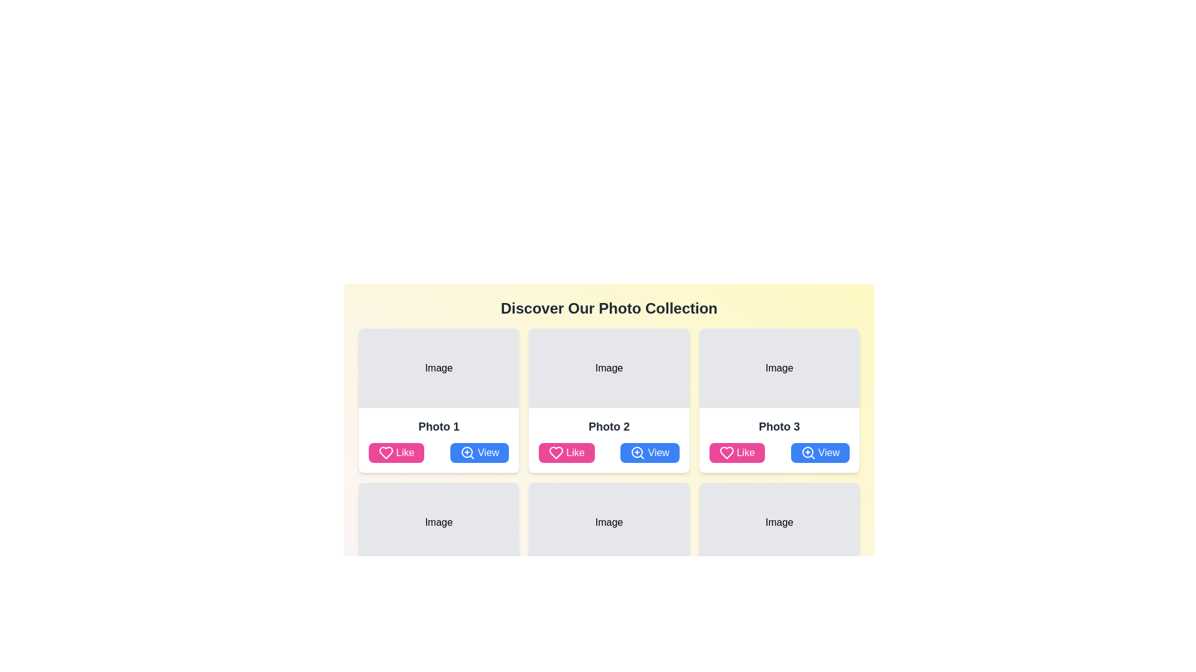 The width and height of the screenshot is (1196, 672). What do you see at coordinates (385, 453) in the screenshot?
I see `the pink heart icon located inside the 'Like' button, which is positioned before the text 'Like' in the second column of the top row under the 'Discover Our Photo Collection' heading` at bounding box center [385, 453].